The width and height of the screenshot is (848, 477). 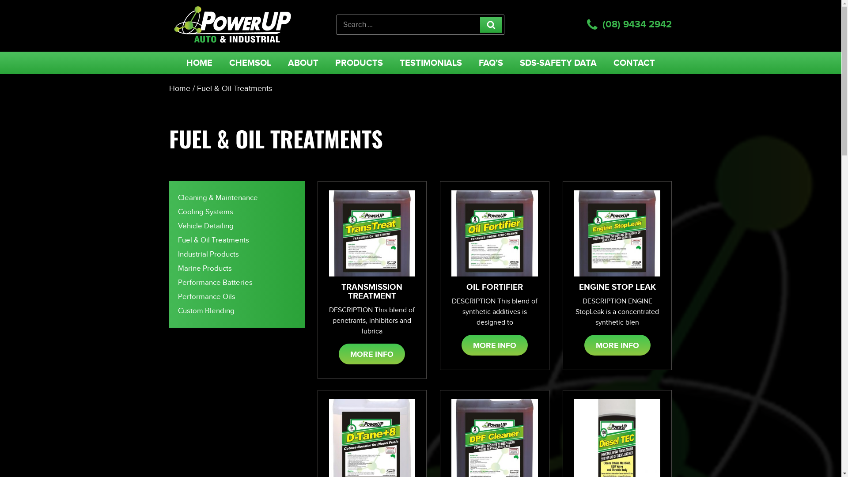 What do you see at coordinates (205, 226) in the screenshot?
I see `'Vehicle Detailing'` at bounding box center [205, 226].